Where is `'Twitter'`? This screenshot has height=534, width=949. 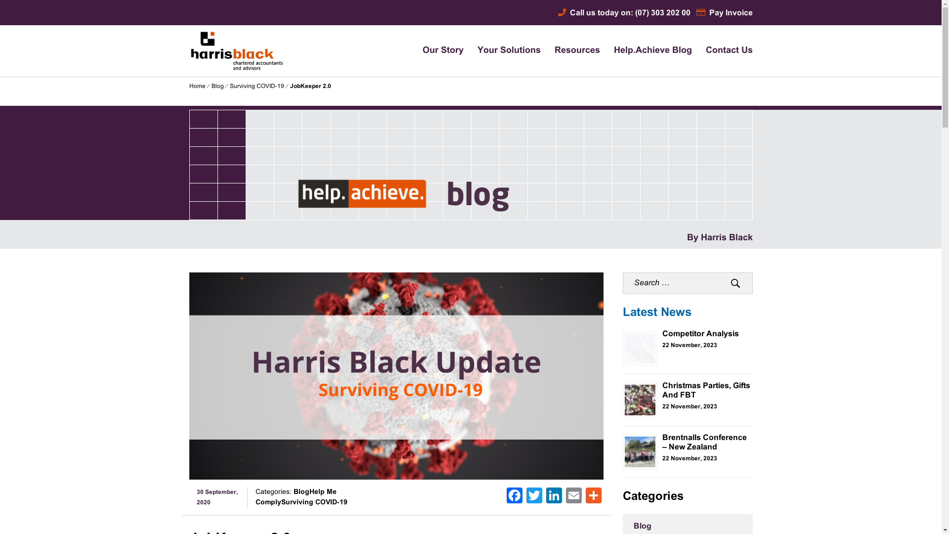
'Twitter' is located at coordinates (533, 497).